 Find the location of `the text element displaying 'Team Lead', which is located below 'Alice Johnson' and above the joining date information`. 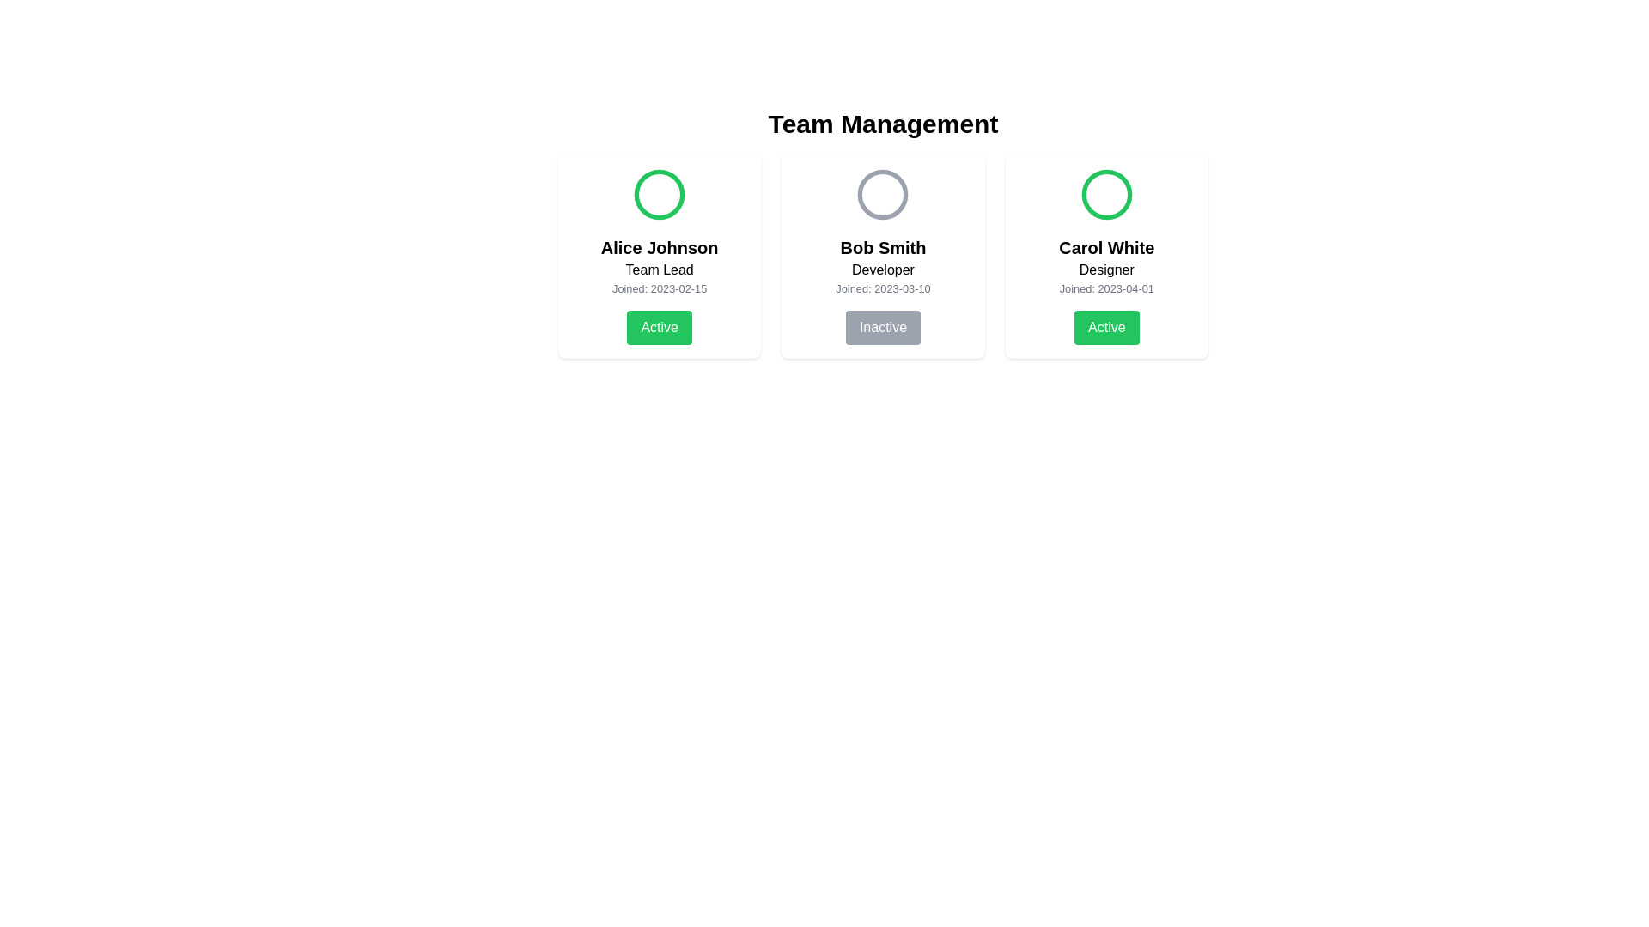

the text element displaying 'Team Lead', which is located below 'Alice Johnson' and above the joining date information is located at coordinates (659, 270).